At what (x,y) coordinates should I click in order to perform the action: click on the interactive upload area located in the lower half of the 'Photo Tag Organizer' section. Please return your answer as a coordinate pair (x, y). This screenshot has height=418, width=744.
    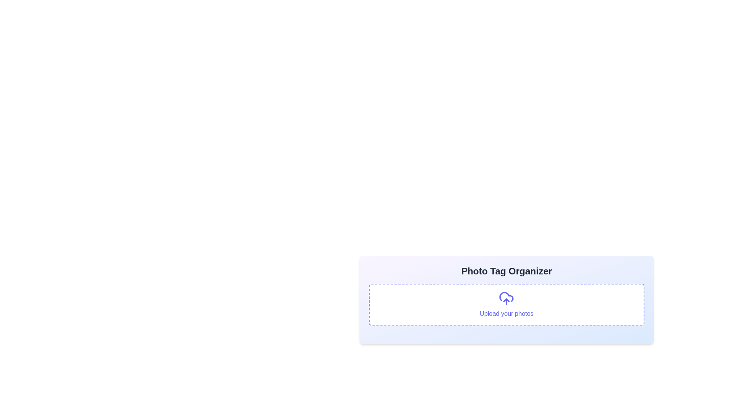
    Looking at the image, I should click on (506, 304).